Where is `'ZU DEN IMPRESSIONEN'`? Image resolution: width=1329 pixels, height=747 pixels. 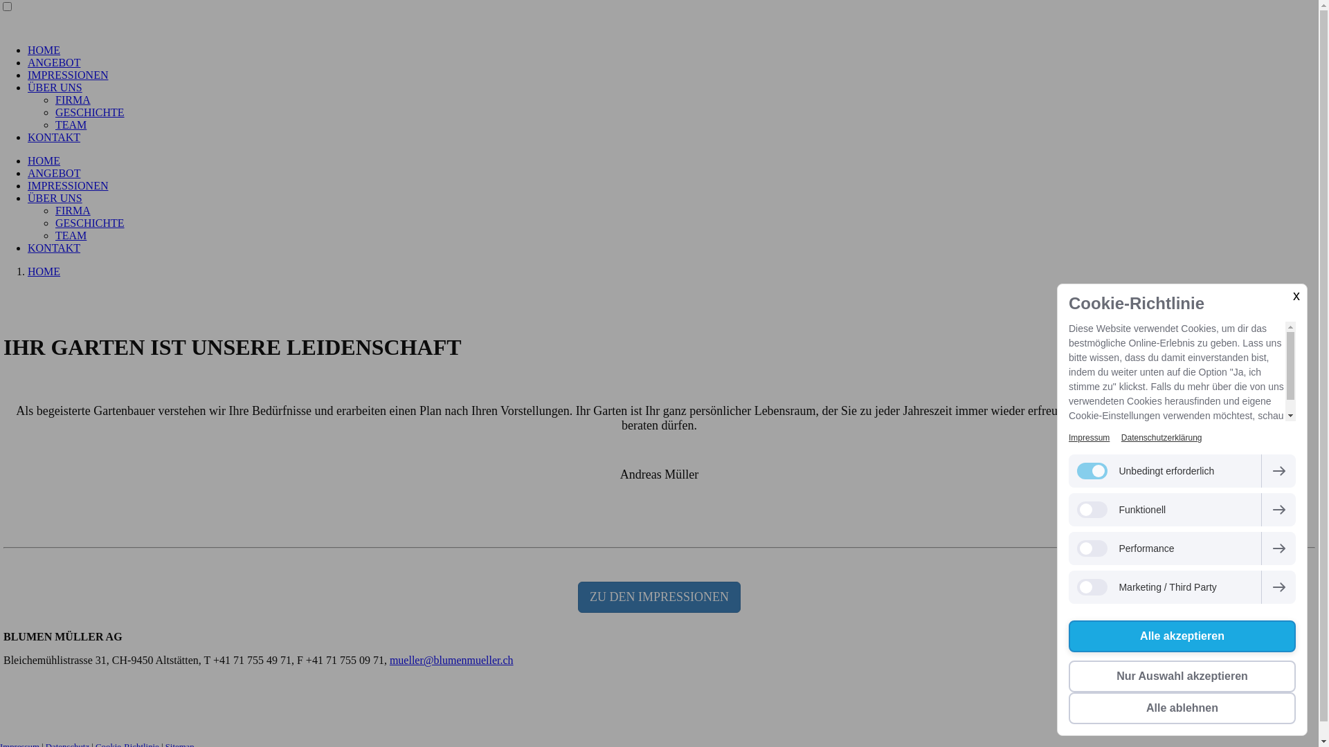 'ZU DEN IMPRESSIONEN' is located at coordinates (658, 596).